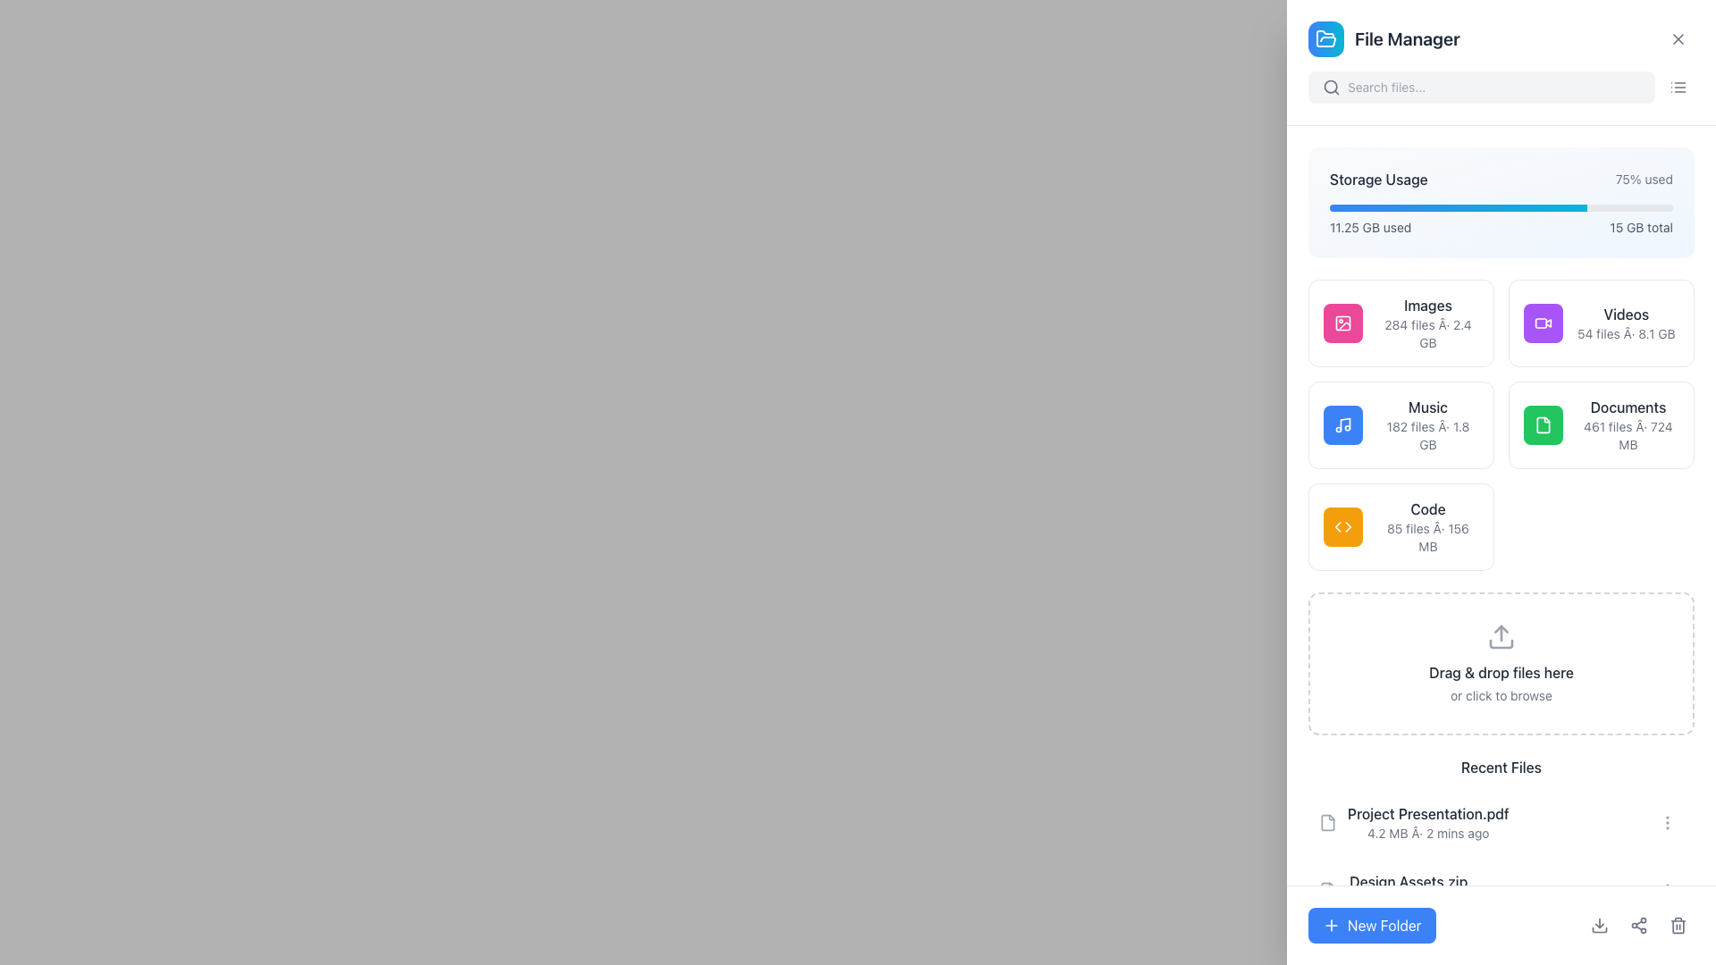 This screenshot has width=1716, height=965. I want to click on 'Music' label which is displayed in medium gray font, centrally aligned above file count and size information in the second column of a grid layout beneath 'Storage Usage', so click(1427, 407).